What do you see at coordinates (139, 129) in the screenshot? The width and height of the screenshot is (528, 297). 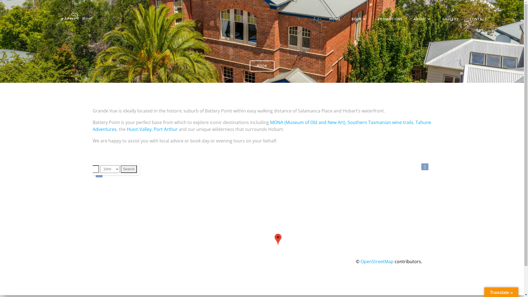 I see `'Huon Valley'` at bounding box center [139, 129].